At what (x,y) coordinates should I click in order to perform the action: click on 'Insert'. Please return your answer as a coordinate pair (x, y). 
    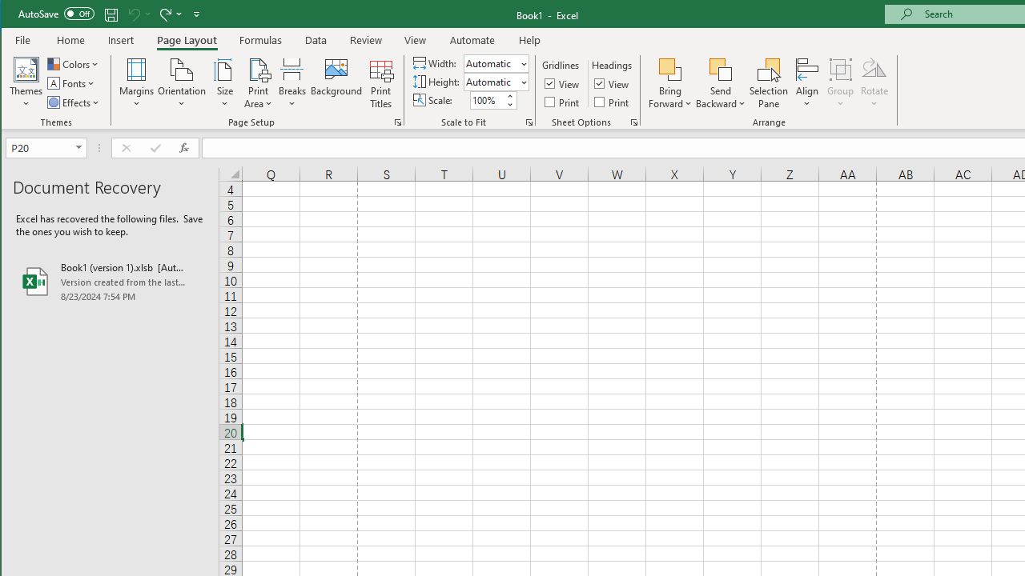
    Looking at the image, I should click on (120, 39).